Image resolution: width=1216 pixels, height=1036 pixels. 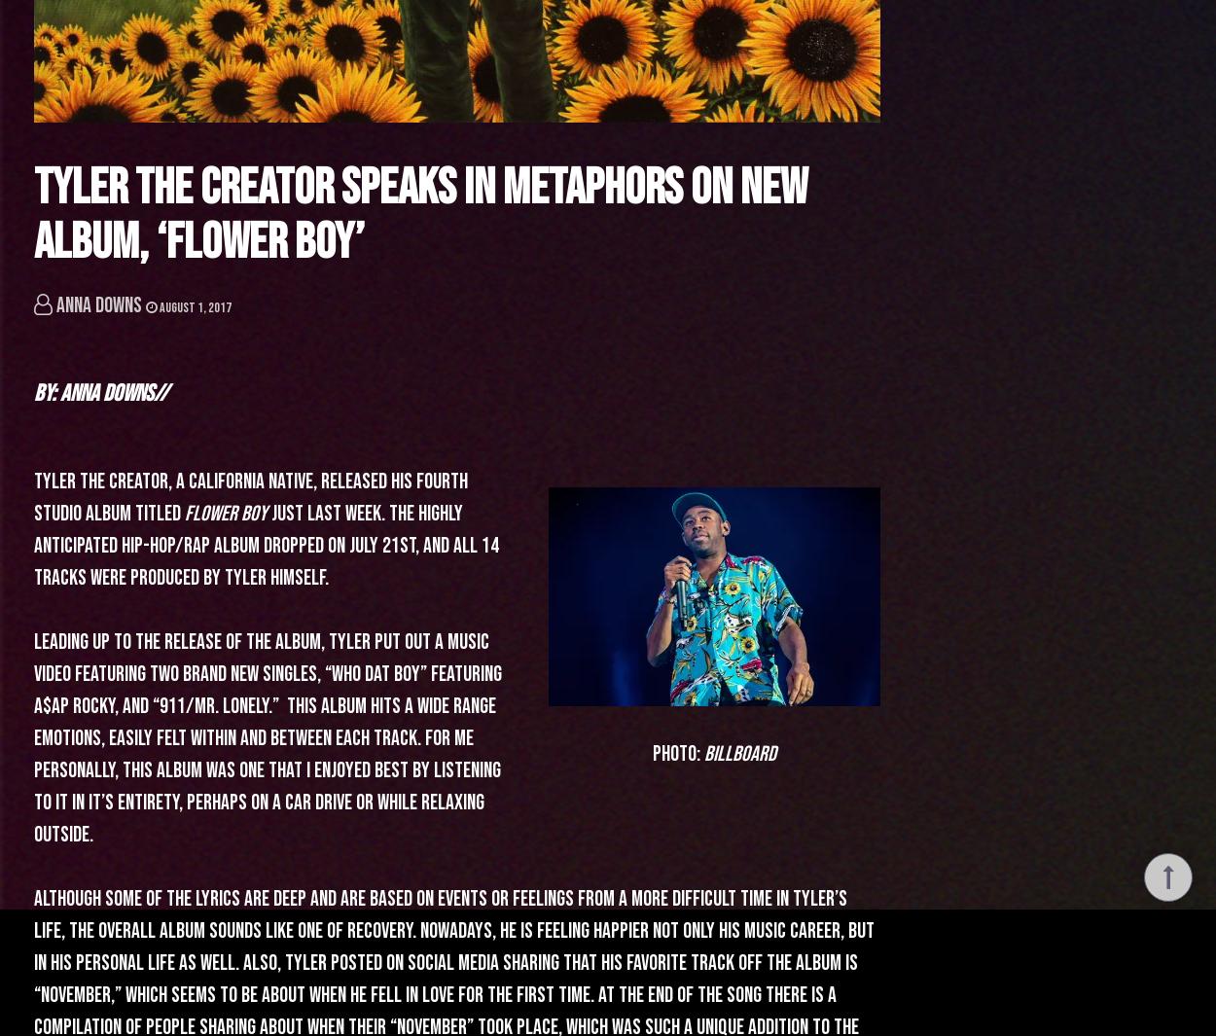 I want to click on 'By: Anna Downs//', so click(x=34, y=392).